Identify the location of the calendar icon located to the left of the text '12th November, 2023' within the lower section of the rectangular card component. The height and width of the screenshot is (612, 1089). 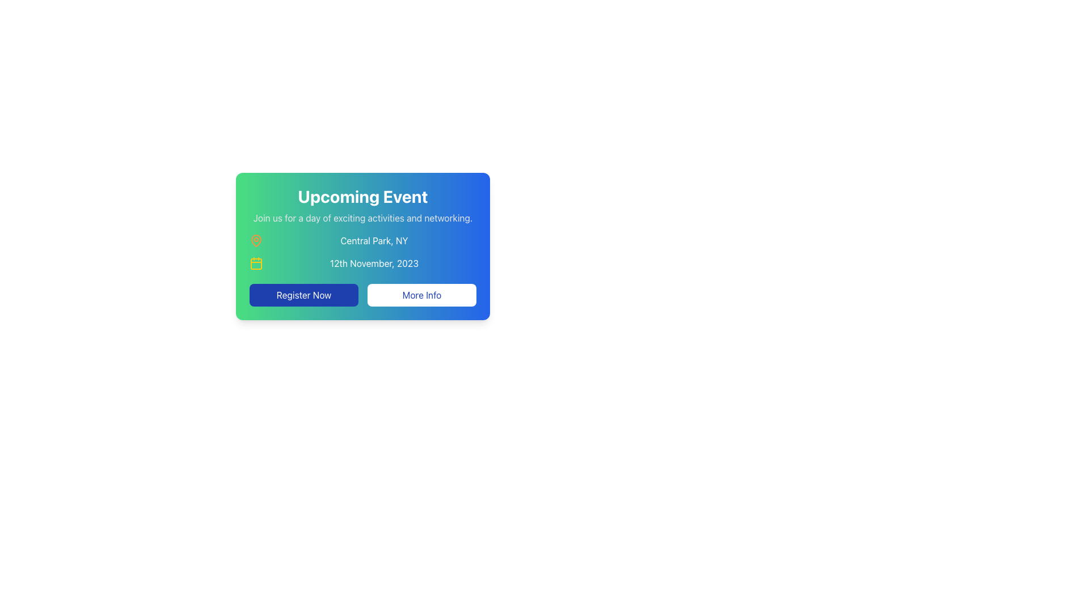
(255, 263).